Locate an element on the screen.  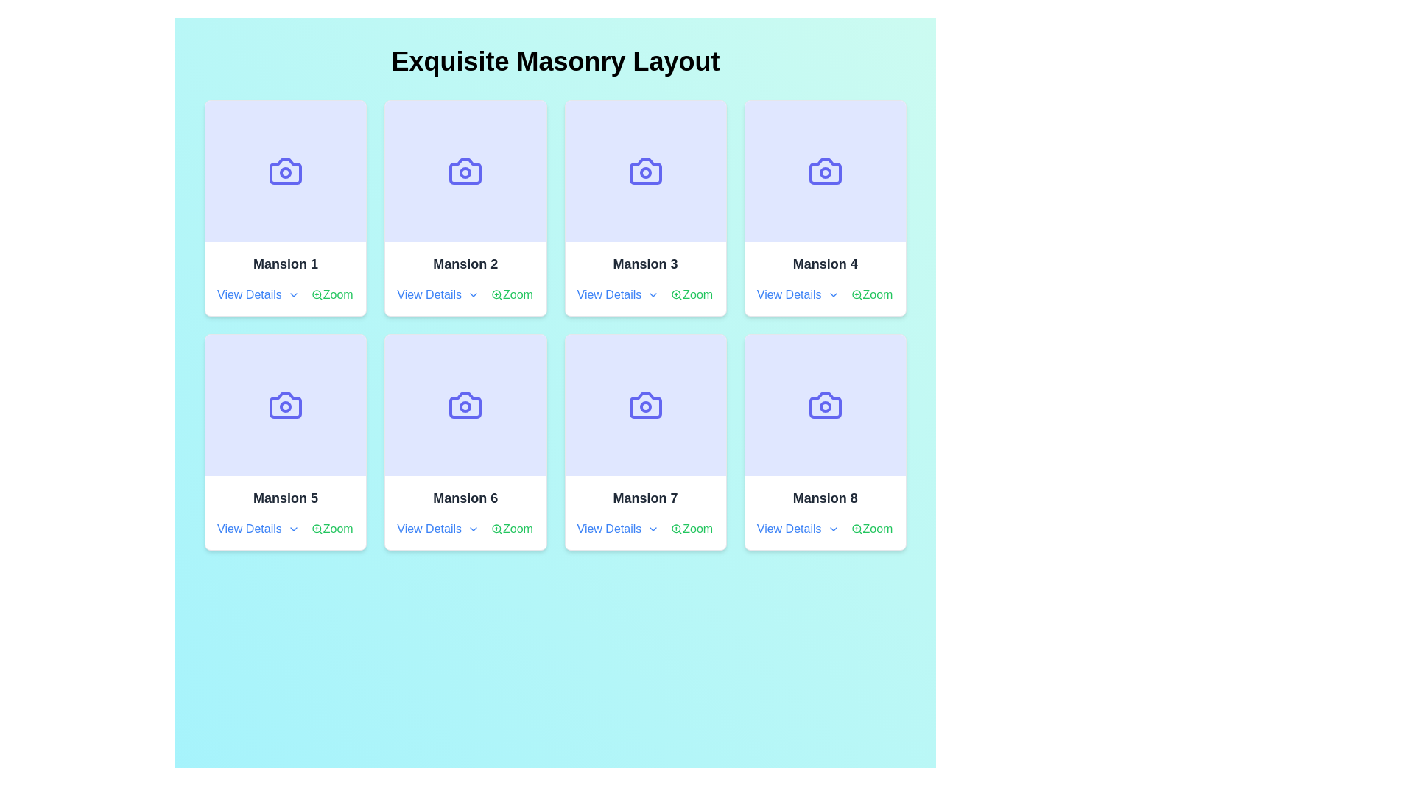
the magnifying glass icon button with a '+' symbol inside, styled in green, located to the right of the 'Zoom' label within the 'Mansion 4' card by is located at coordinates (857, 295).